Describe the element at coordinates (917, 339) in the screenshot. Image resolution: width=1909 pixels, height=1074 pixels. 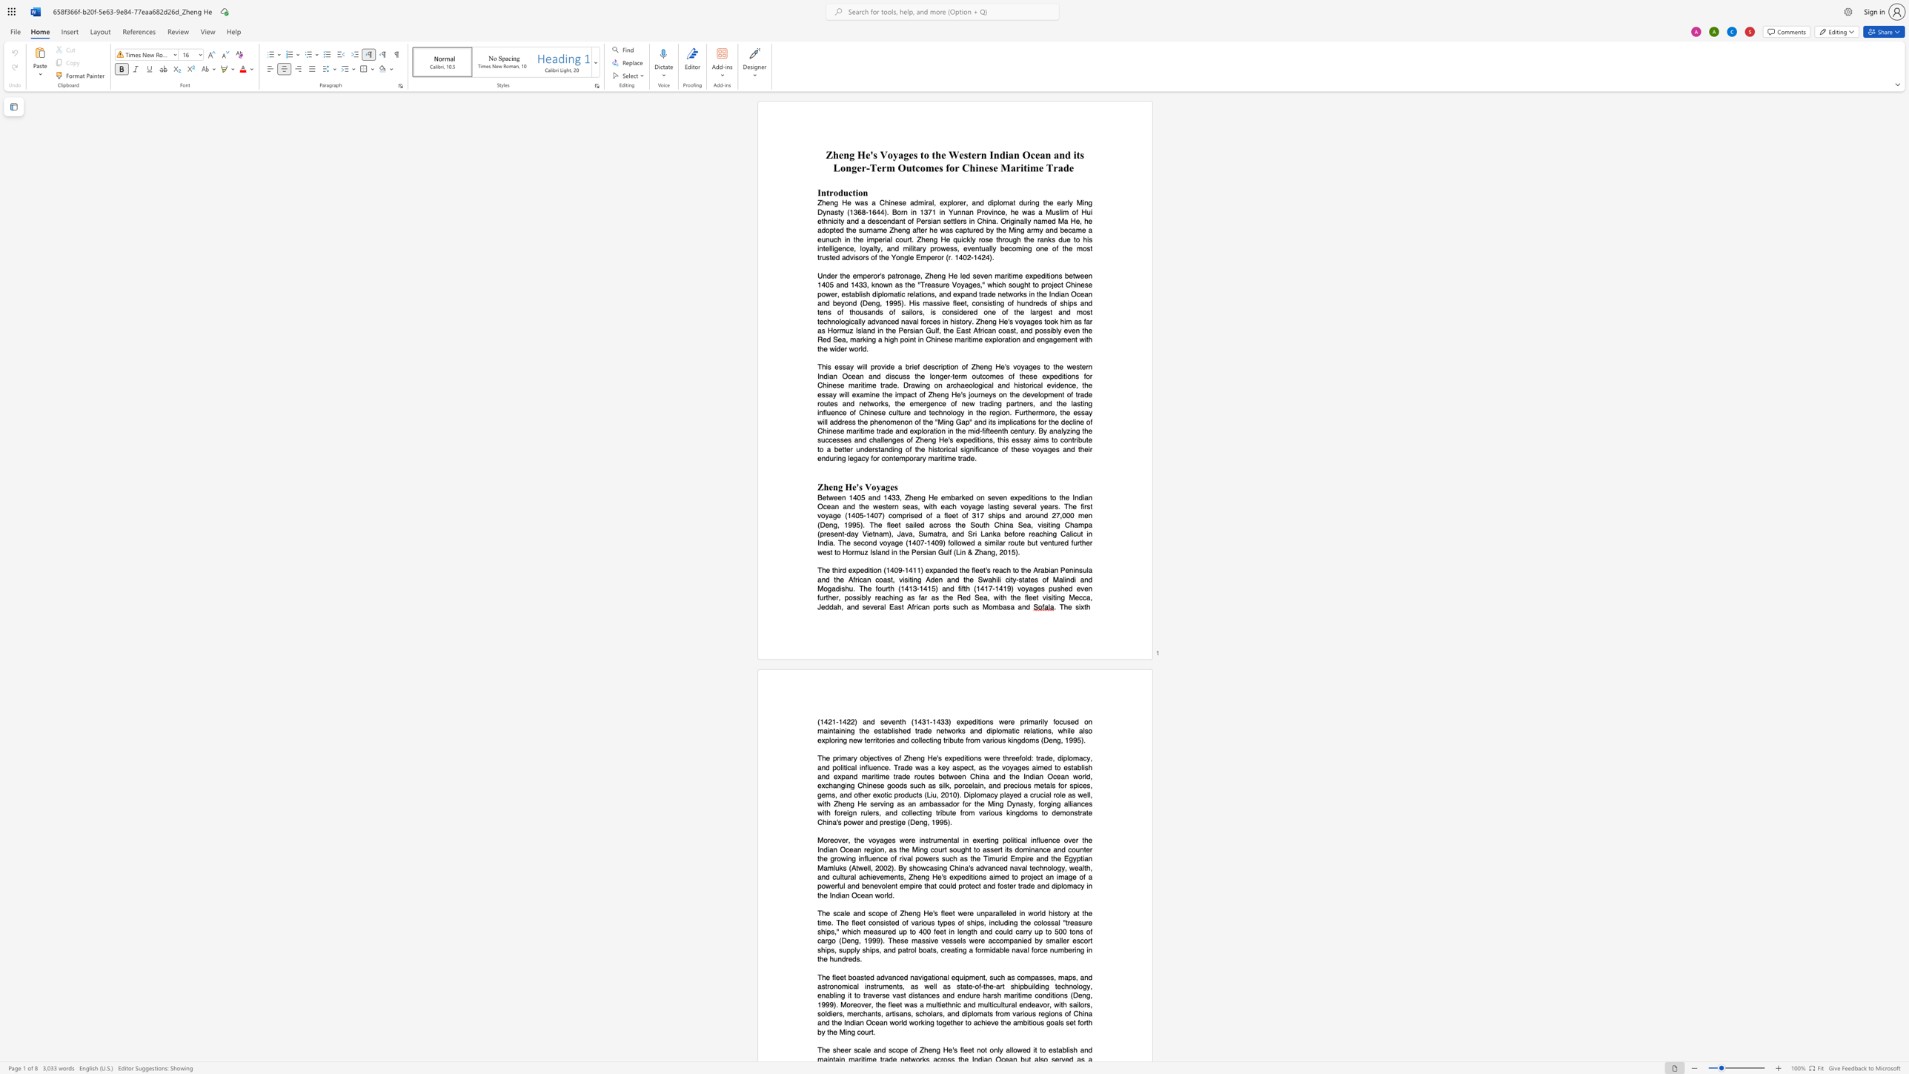
I see `the subset text "in Chinese maritime exploration and engagement with t" within the text "the Red Sea, marking a high point in Chinese maritime exploration and engagement with the wider world."` at that location.